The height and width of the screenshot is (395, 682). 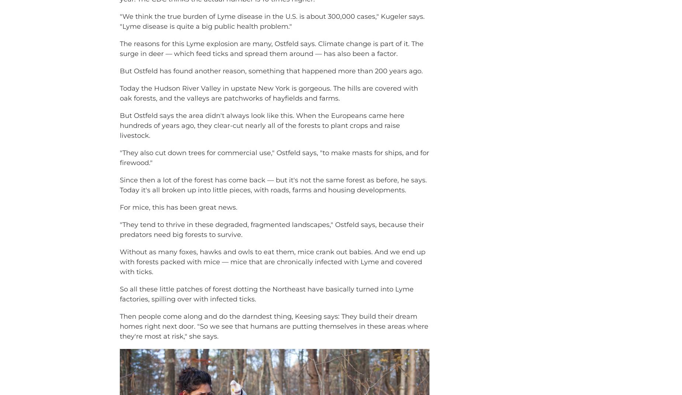 What do you see at coordinates (269, 104) in the screenshot?
I see `'Today the Hudson River Valley in upstate New York is gorgeous. The hills are covered with oak forests, and the valleys are patchworks of hayfields and farms.'` at bounding box center [269, 104].